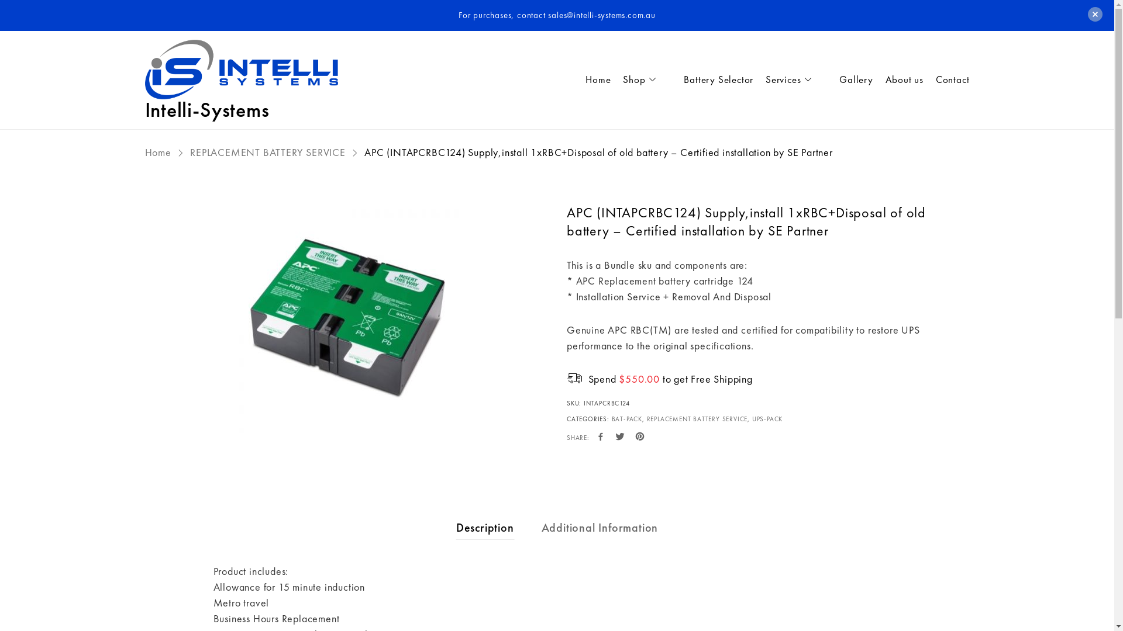 The image size is (1123, 631). What do you see at coordinates (626, 418) in the screenshot?
I see `'BAT-PACK'` at bounding box center [626, 418].